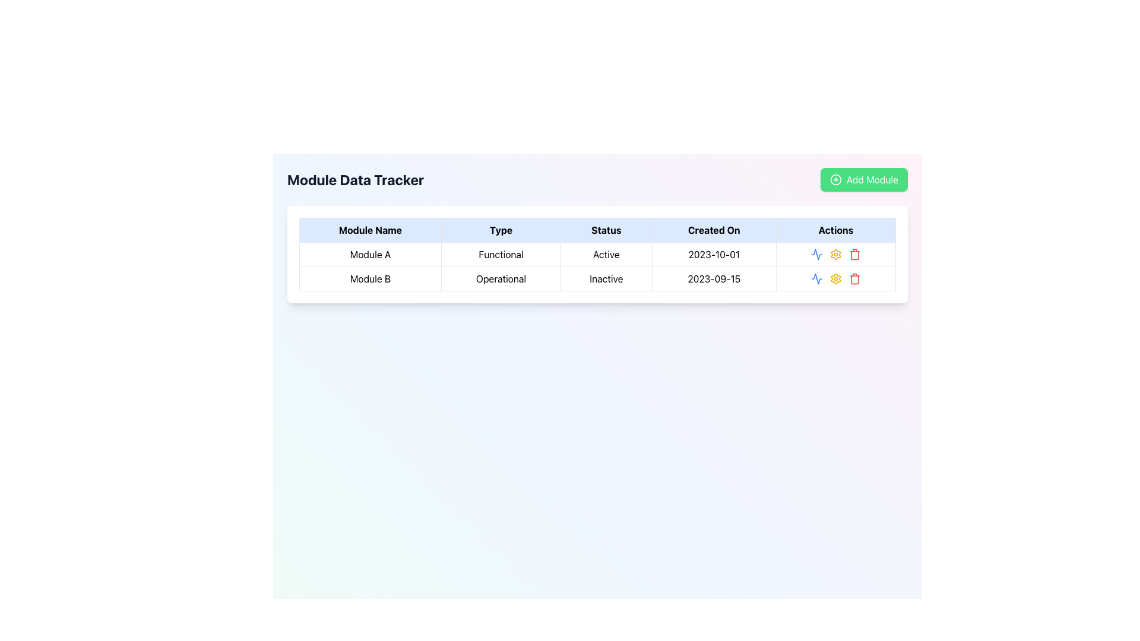  What do you see at coordinates (370, 279) in the screenshot?
I see `the label displaying 'Module B', which is the first field in the second row of a table under the 'Module Name' column` at bounding box center [370, 279].